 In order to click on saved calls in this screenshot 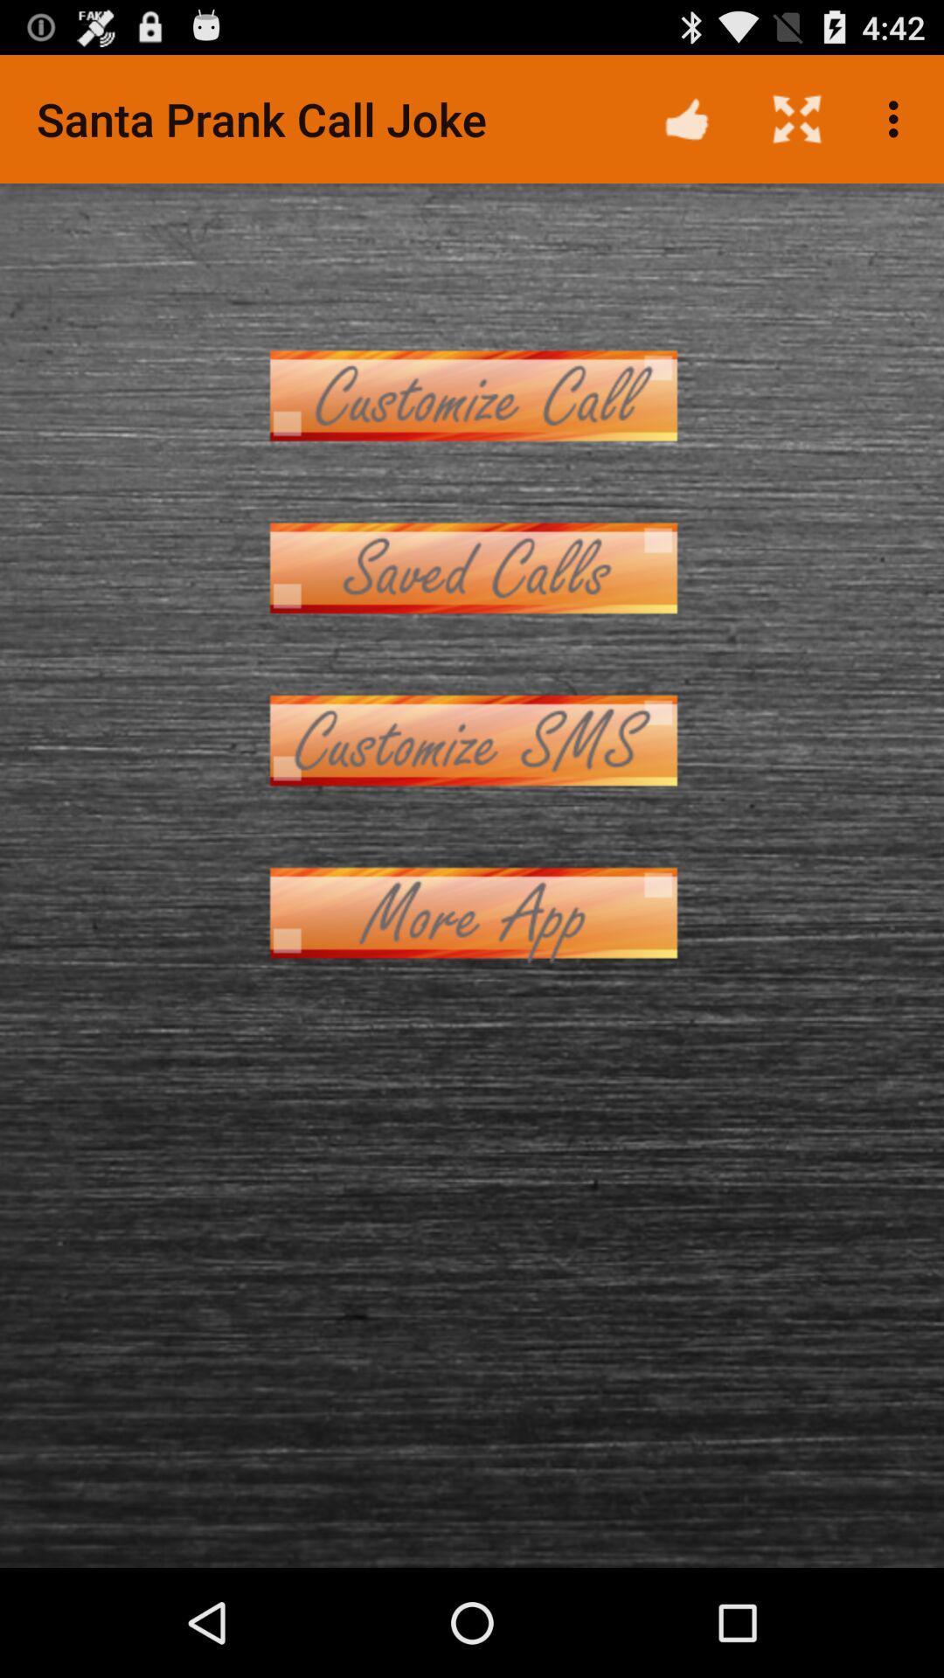, I will do `click(472, 568)`.